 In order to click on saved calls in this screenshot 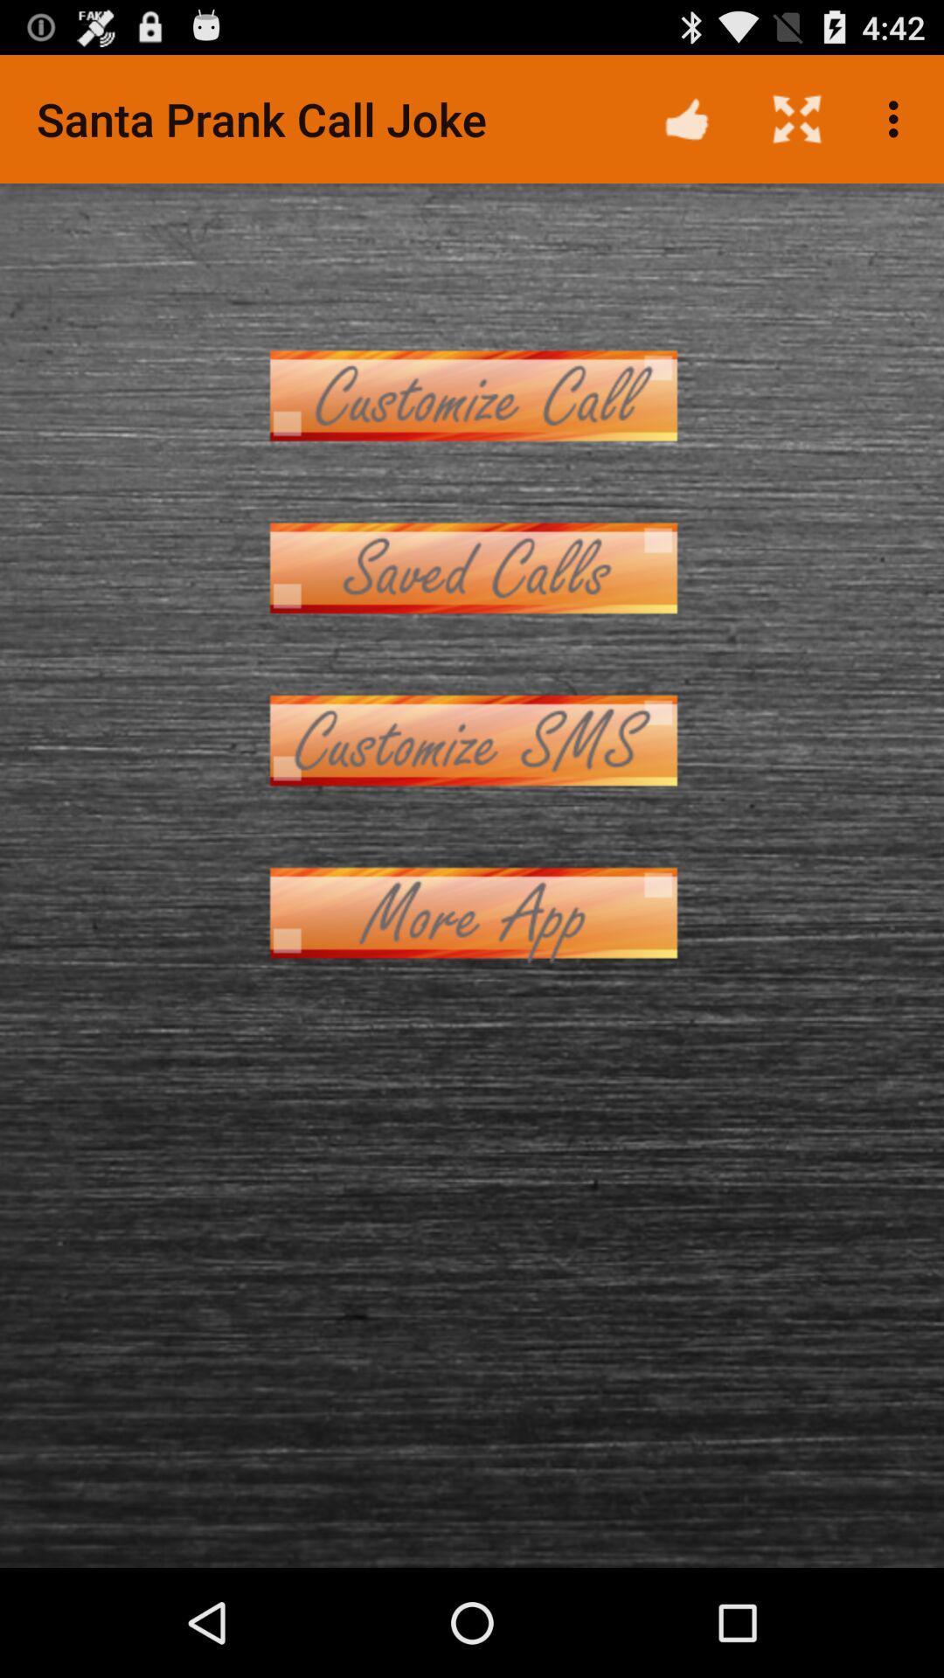, I will do `click(472, 568)`.